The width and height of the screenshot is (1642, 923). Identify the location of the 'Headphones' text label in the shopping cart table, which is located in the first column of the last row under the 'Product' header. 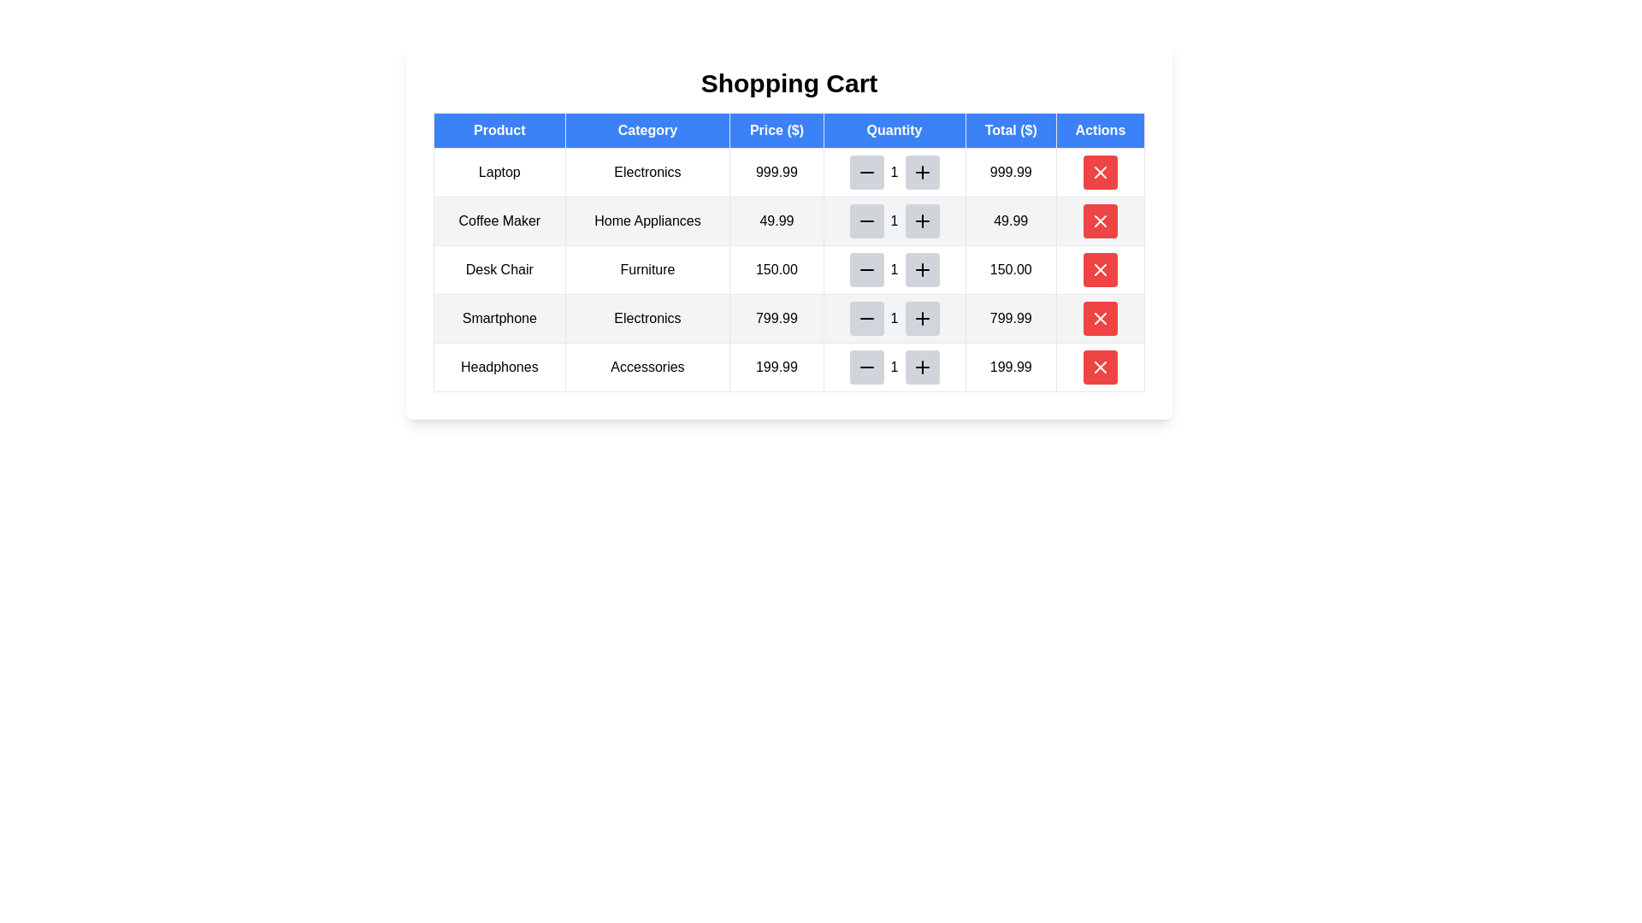
(499, 366).